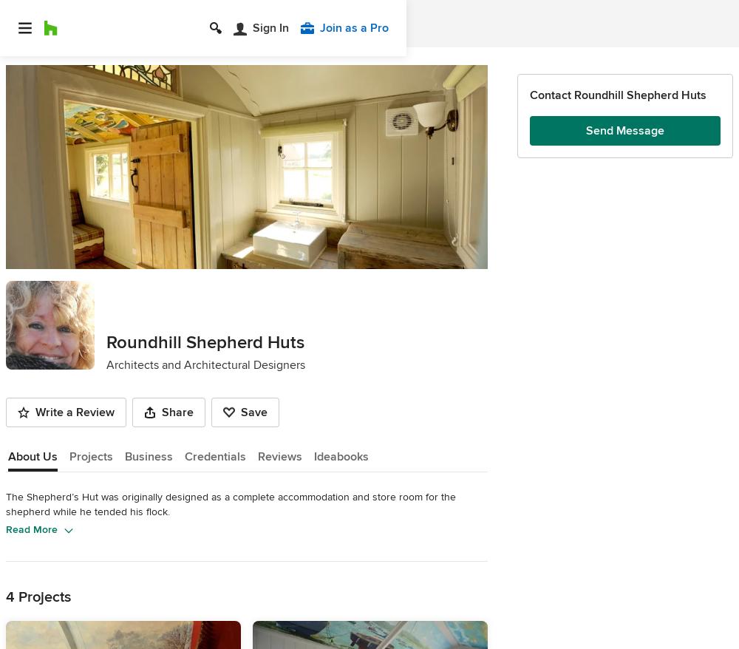 This screenshot has height=649, width=739. What do you see at coordinates (257, 455) in the screenshot?
I see `'Reviews'` at bounding box center [257, 455].